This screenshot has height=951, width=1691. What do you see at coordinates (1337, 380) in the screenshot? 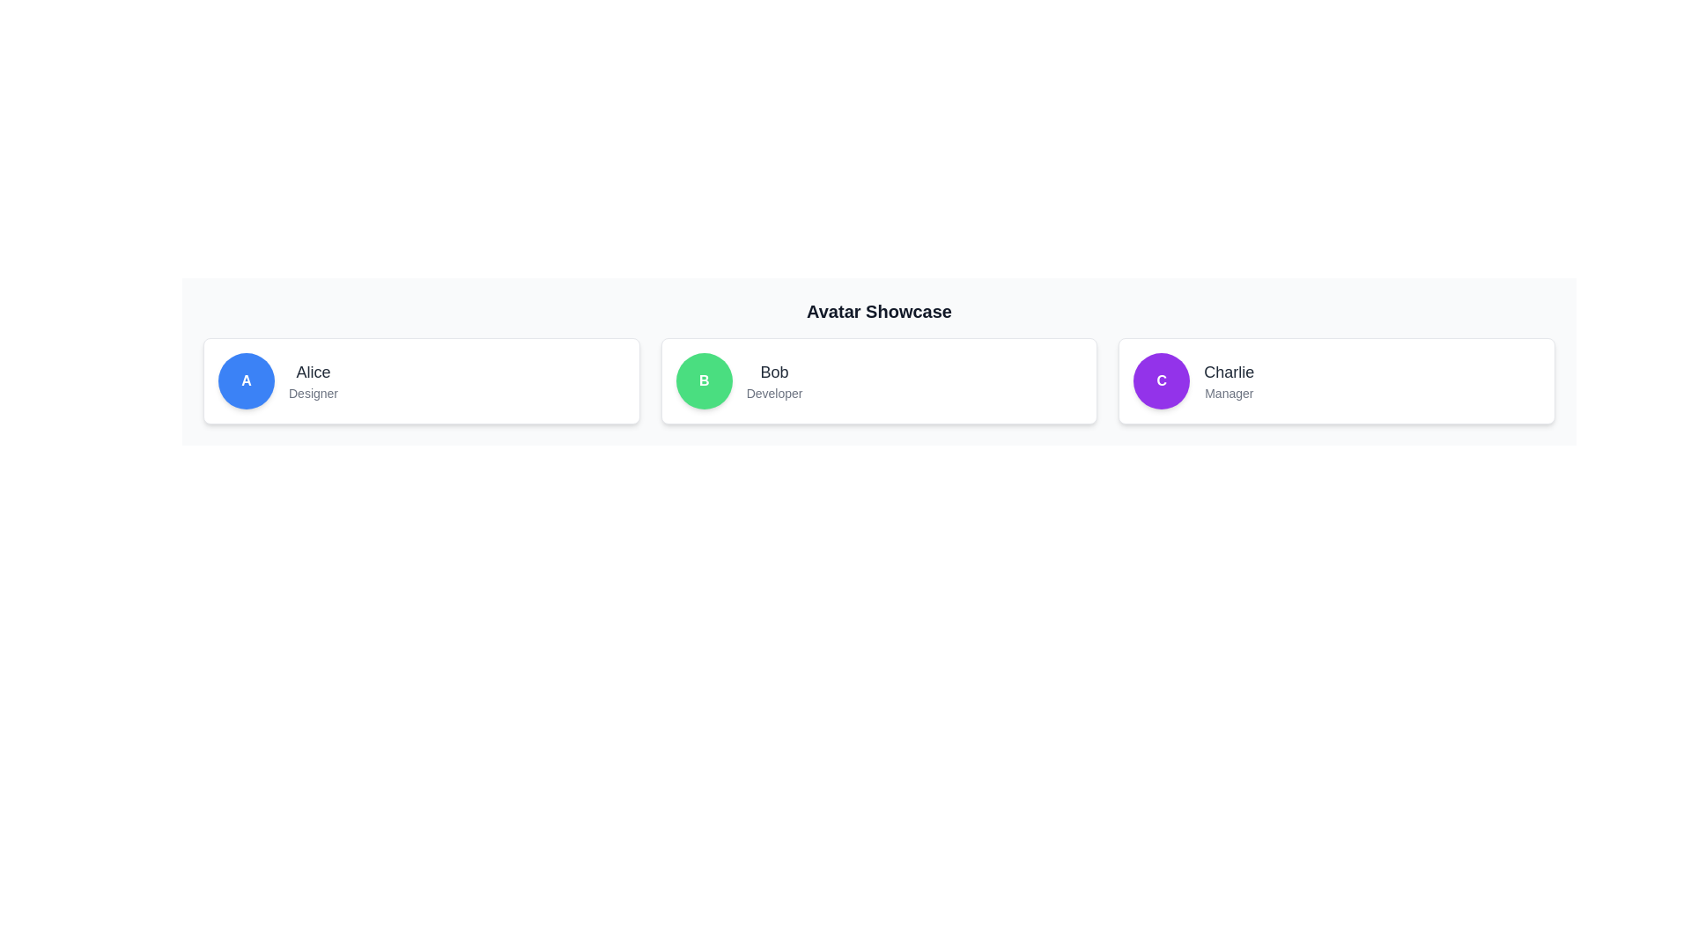
I see `the third card component in the grid layout which displays information about an individual, specifically their name and title` at bounding box center [1337, 380].